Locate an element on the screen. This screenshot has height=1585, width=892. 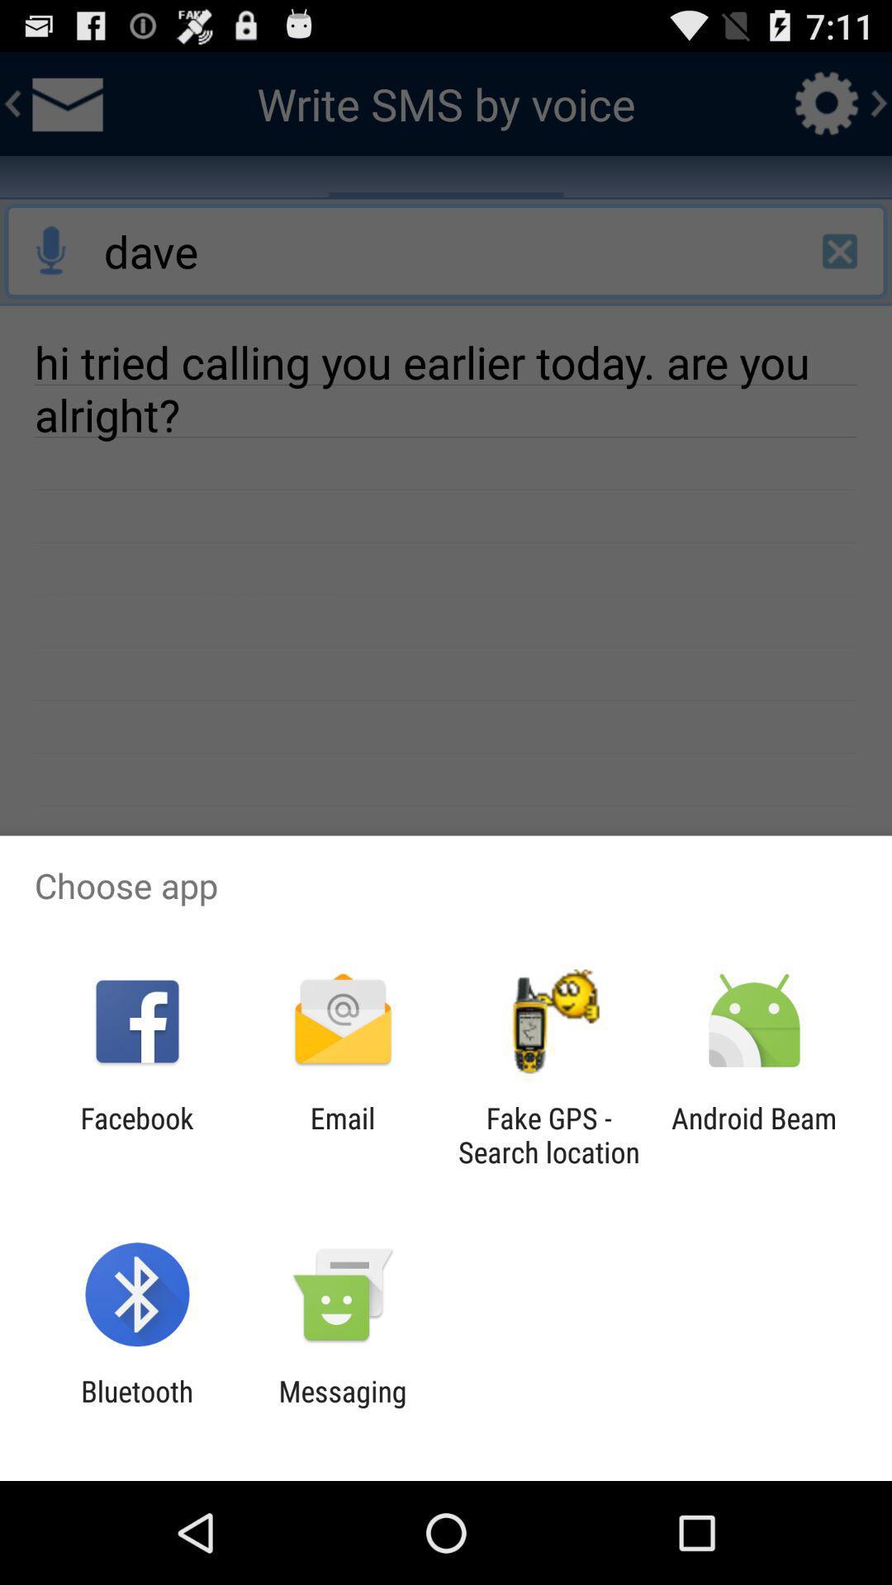
the email is located at coordinates (342, 1134).